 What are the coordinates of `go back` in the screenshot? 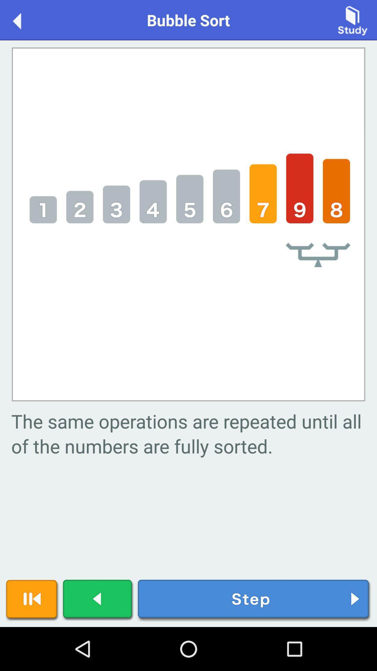 It's located at (24, 20).